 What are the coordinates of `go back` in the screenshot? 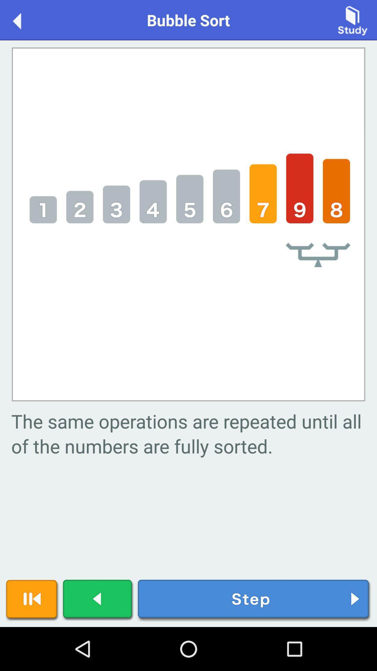 It's located at (24, 20).